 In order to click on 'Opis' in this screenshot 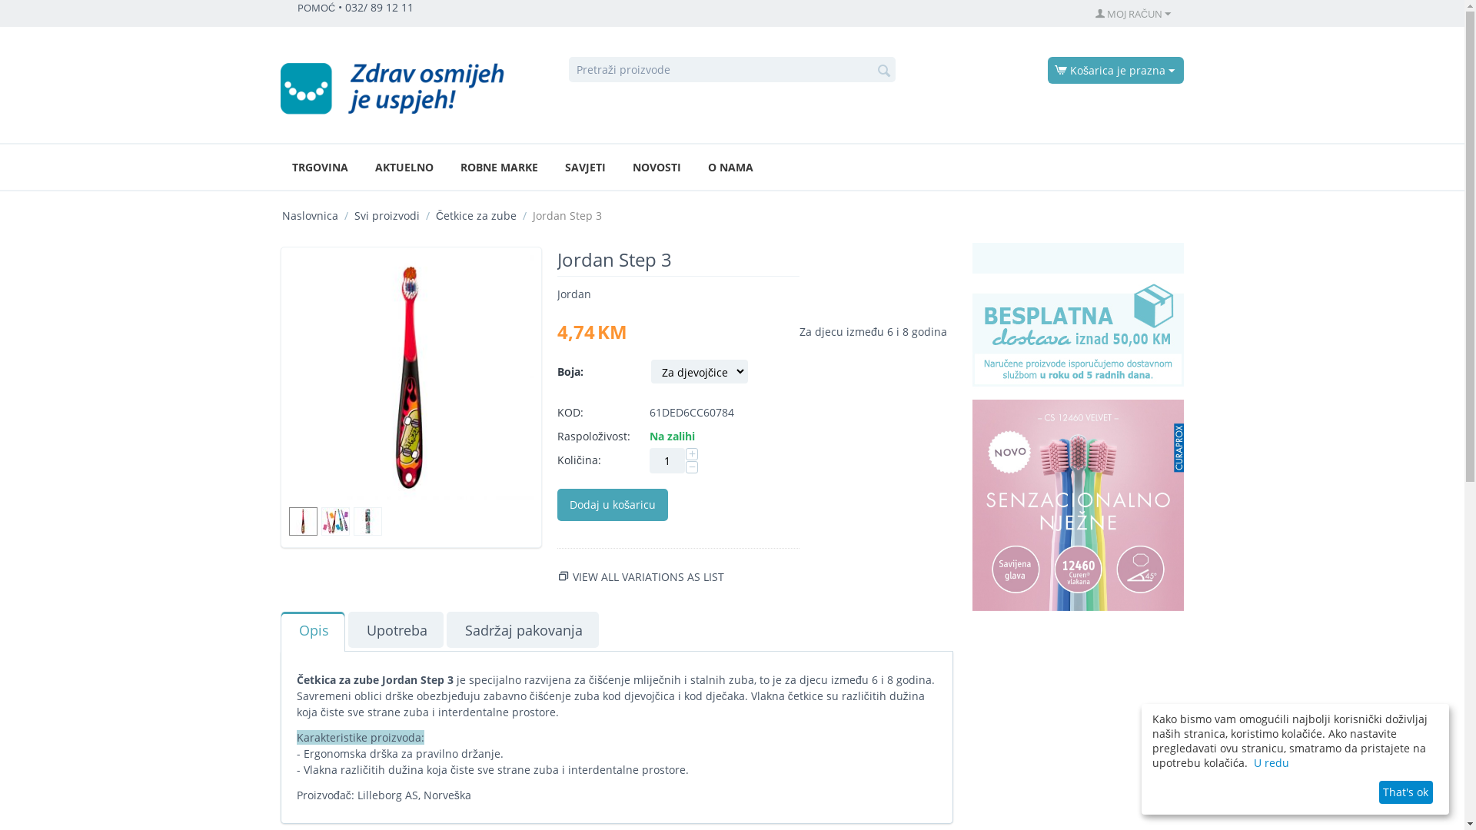, I will do `click(313, 629)`.